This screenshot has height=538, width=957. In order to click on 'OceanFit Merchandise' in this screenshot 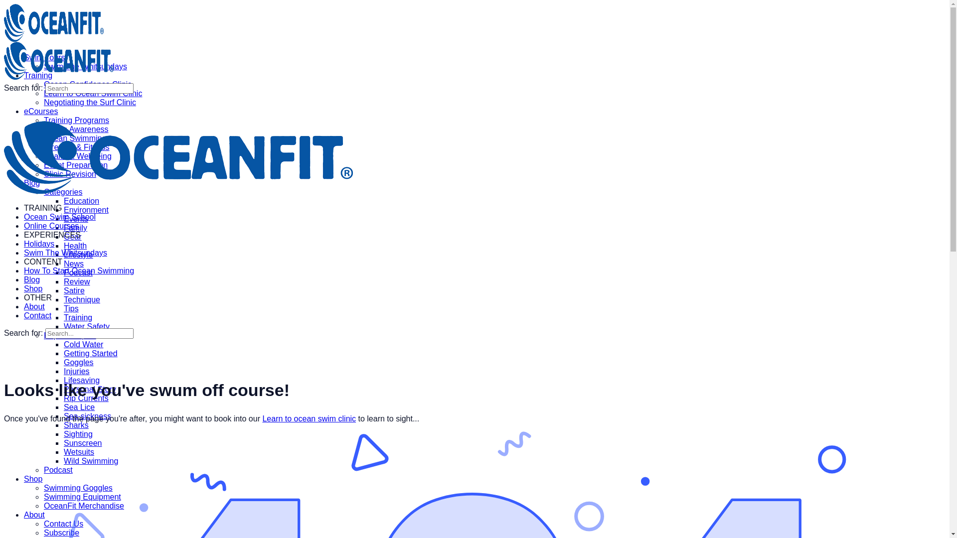, I will do `click(84, 506)`.